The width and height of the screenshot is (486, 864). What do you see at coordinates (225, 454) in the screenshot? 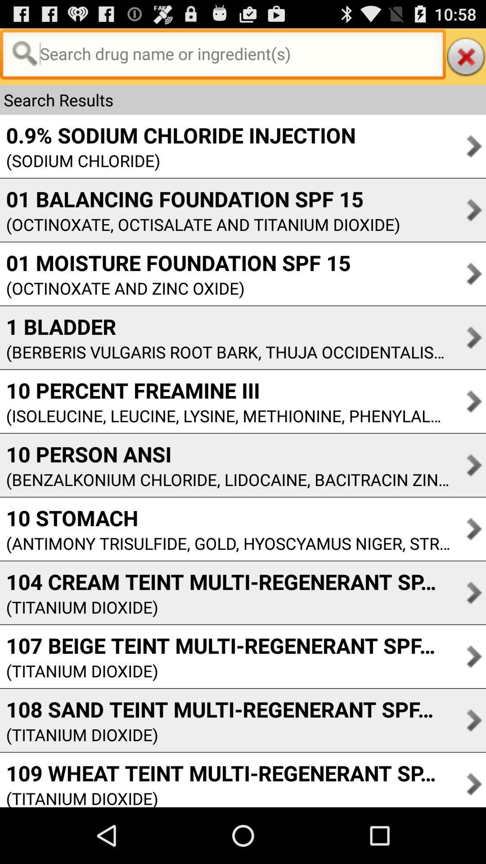
I see `10 person ansi item` at bounding box center [225, 454].